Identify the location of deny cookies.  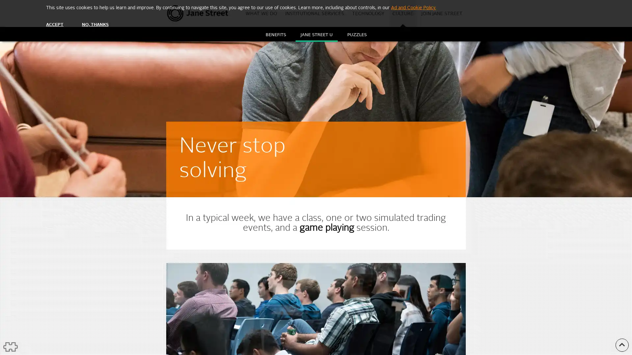
(94, 24).